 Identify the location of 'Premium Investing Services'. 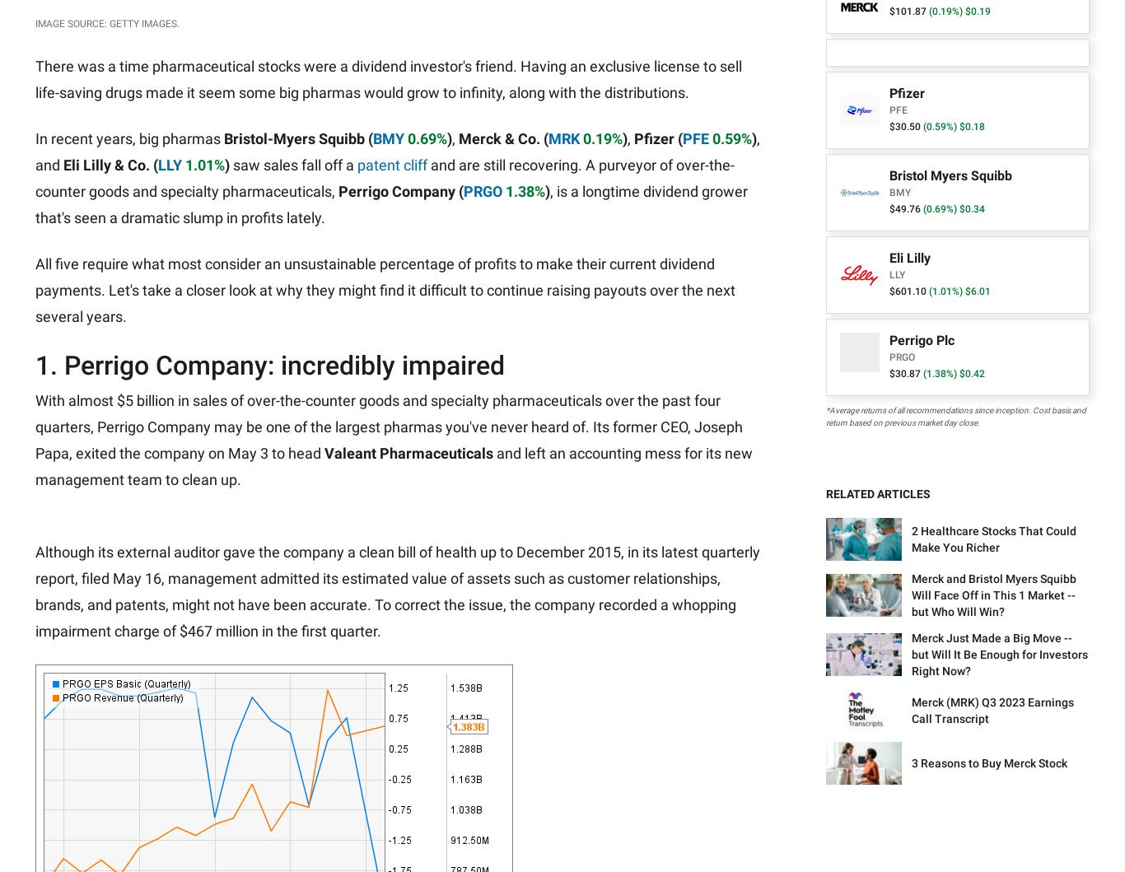
(196, 704).